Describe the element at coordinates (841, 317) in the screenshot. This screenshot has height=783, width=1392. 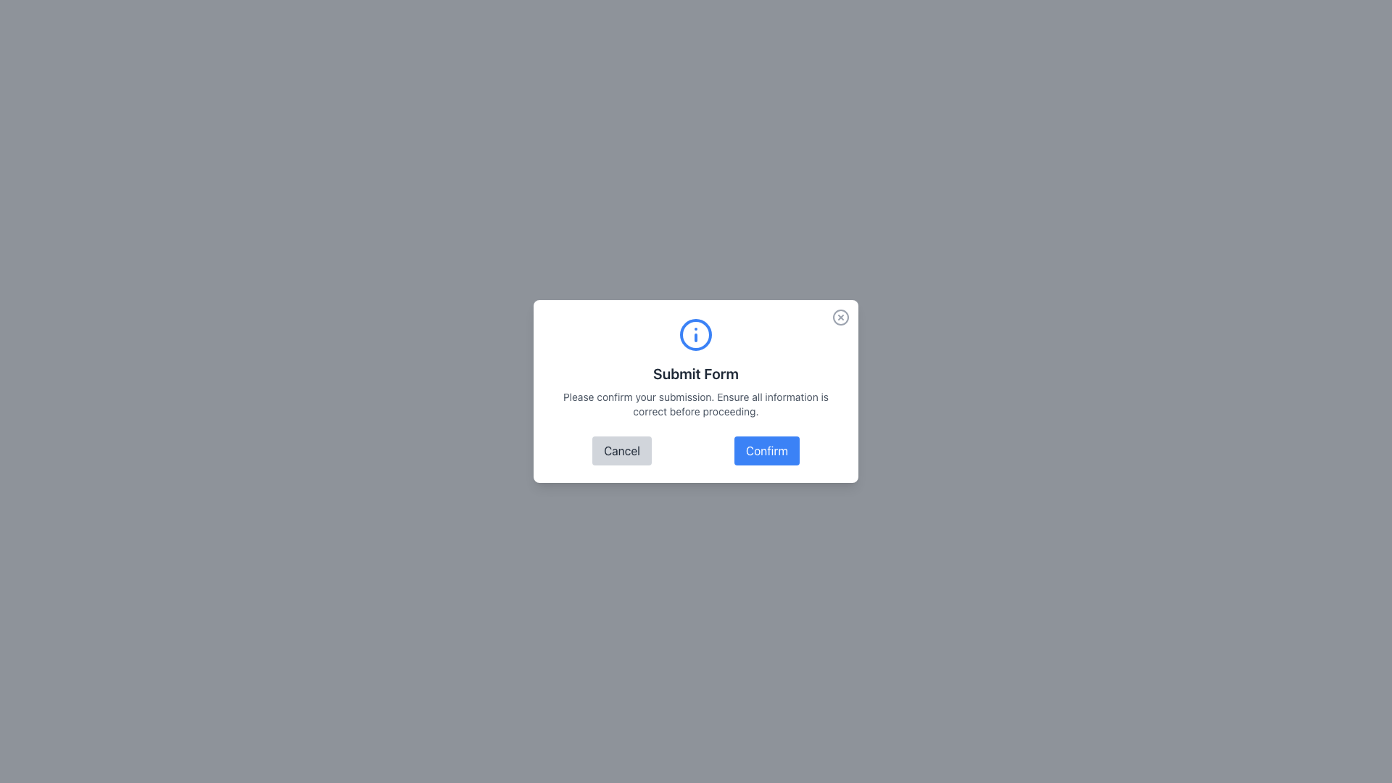
I see `the close icon button with an 'X' symbol located at the top-right corner of the centered white modal box to change its color` at that location.